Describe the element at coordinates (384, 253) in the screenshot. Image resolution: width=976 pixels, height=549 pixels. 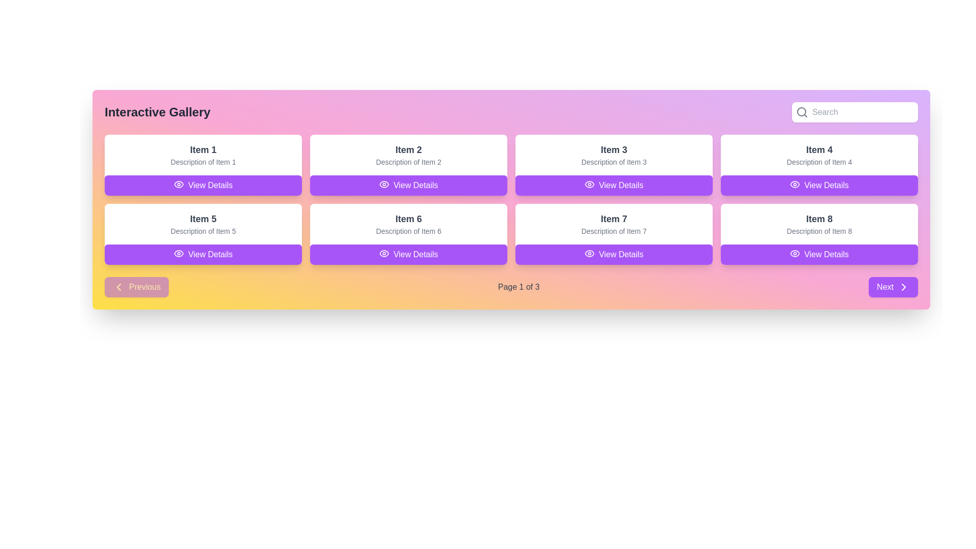
I see `the icon located to the left of the text in the sixth 'View Details' button, which is below the card titled 'Item 6'` at that location.